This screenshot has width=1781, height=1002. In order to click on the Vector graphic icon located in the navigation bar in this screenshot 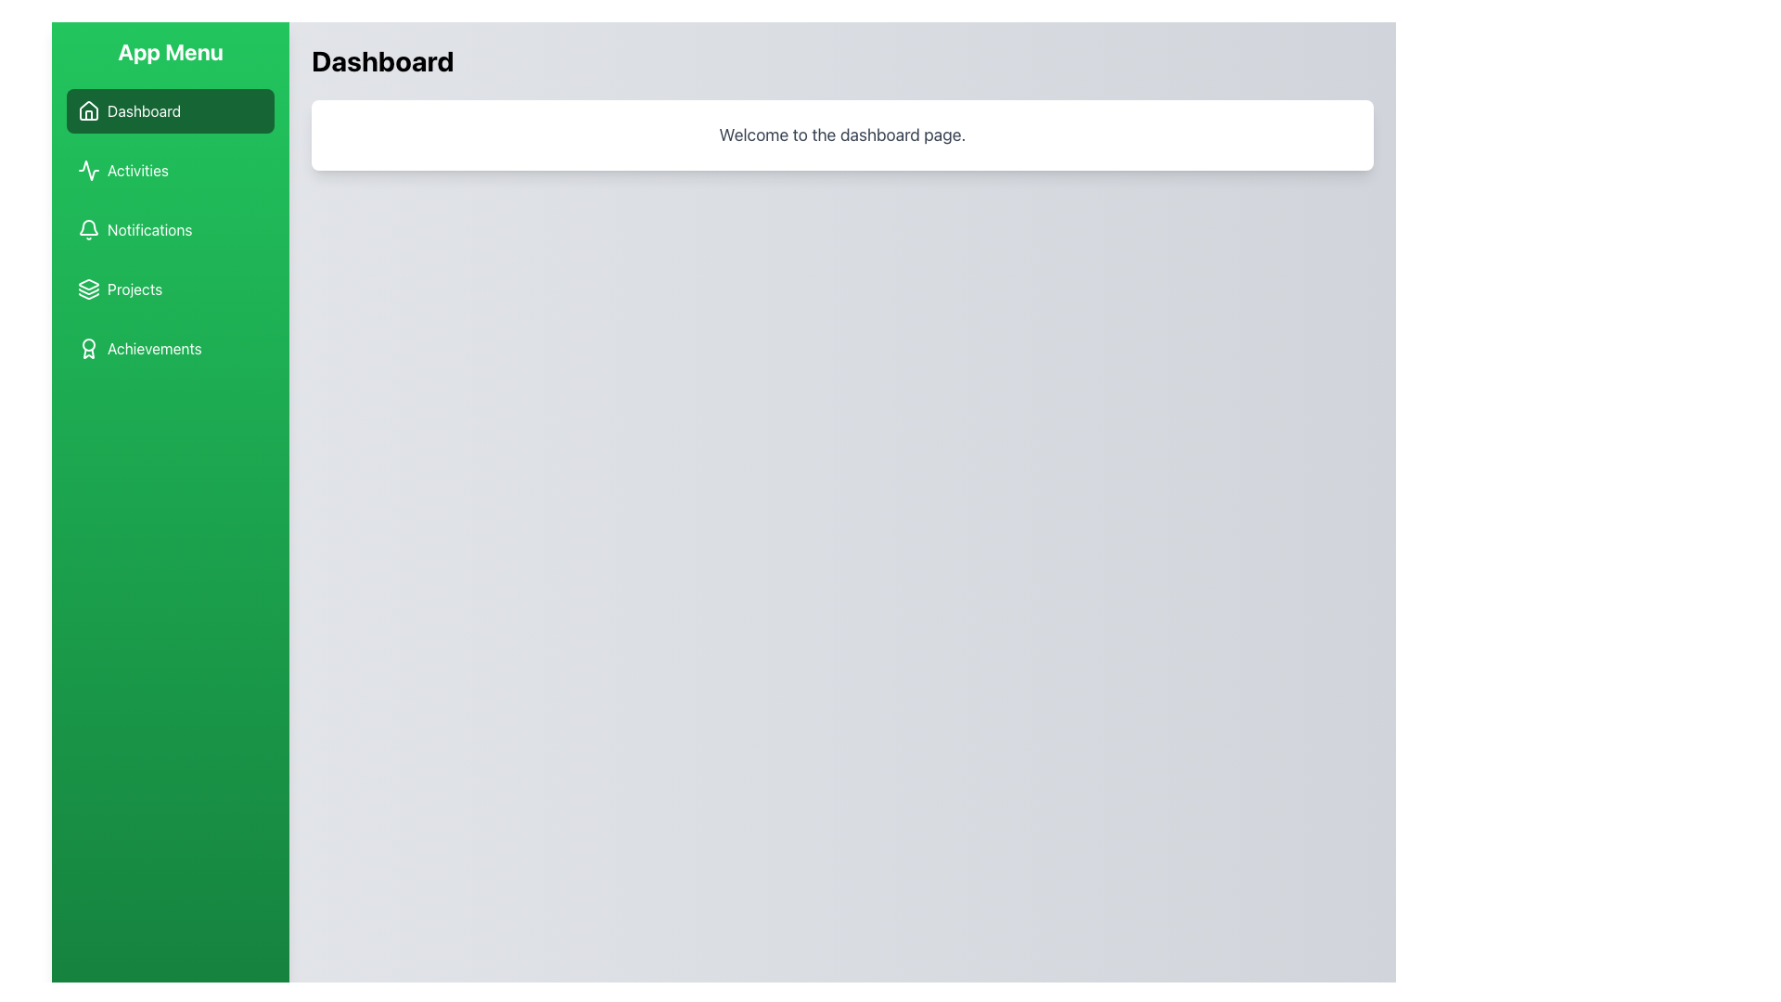, I will do `click(88, 171)`.